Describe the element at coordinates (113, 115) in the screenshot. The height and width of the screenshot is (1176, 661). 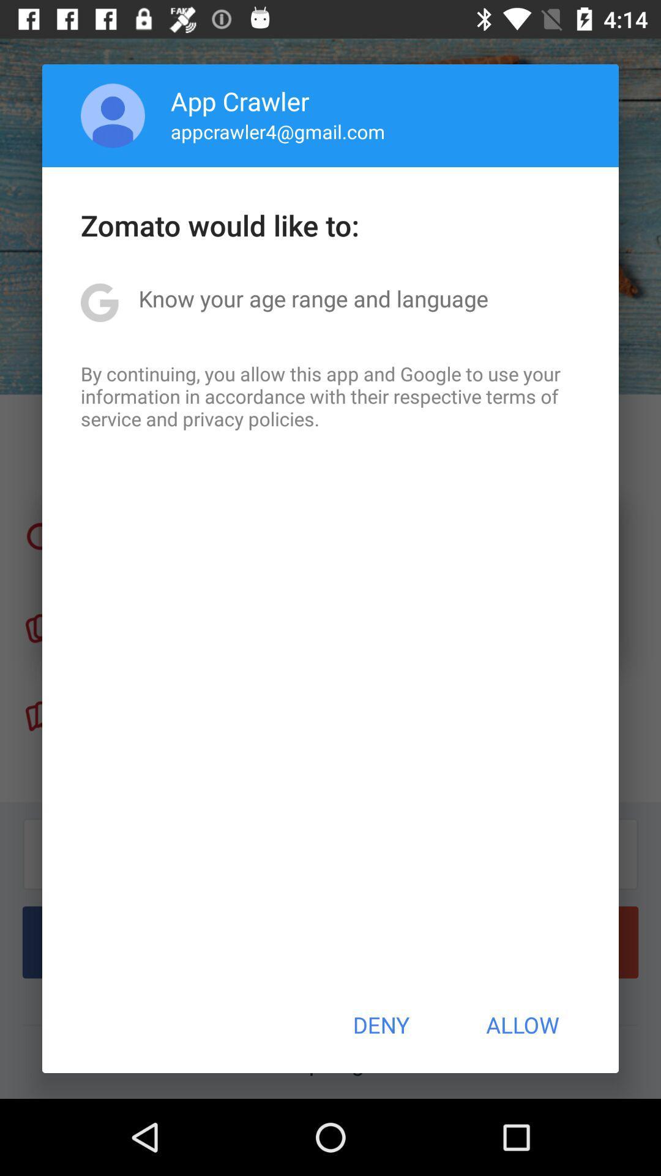
I see `the icon next to app crawler app` at that location.